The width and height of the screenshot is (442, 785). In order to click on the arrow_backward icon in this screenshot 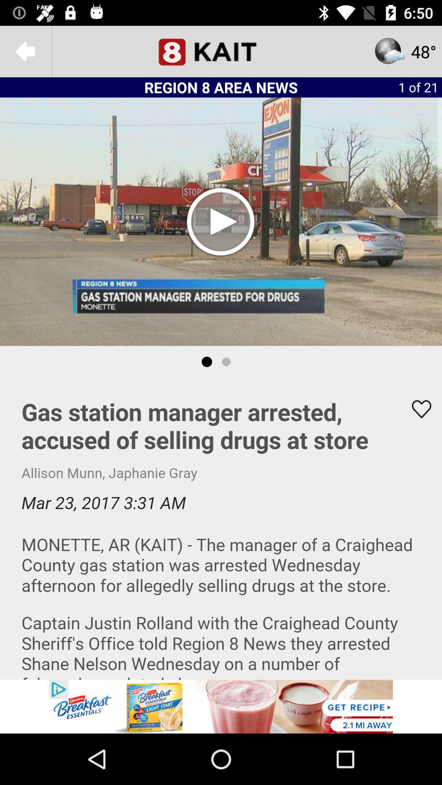, I will do `click(25, 51)`.